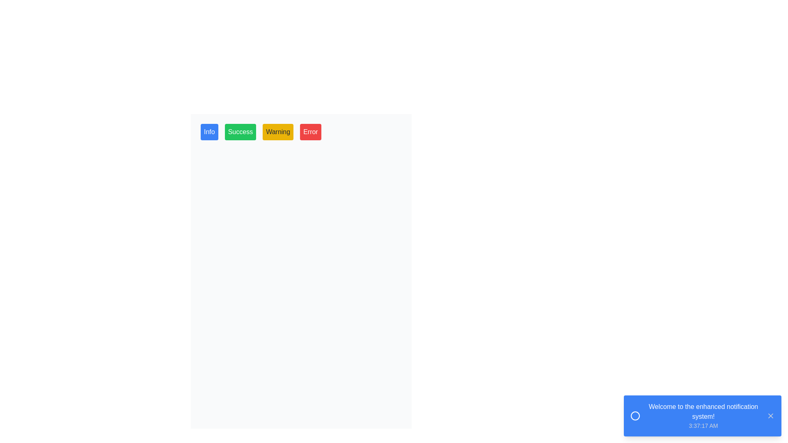 This screenshot has height=443, width=788. Describe the element at coordinates (702, 416) in the screenshot. I see `the notification box with a bright blue background that contains the text 'Welcome to the enhanced notification system!' to possibly reveal additional interaction options` at that location.